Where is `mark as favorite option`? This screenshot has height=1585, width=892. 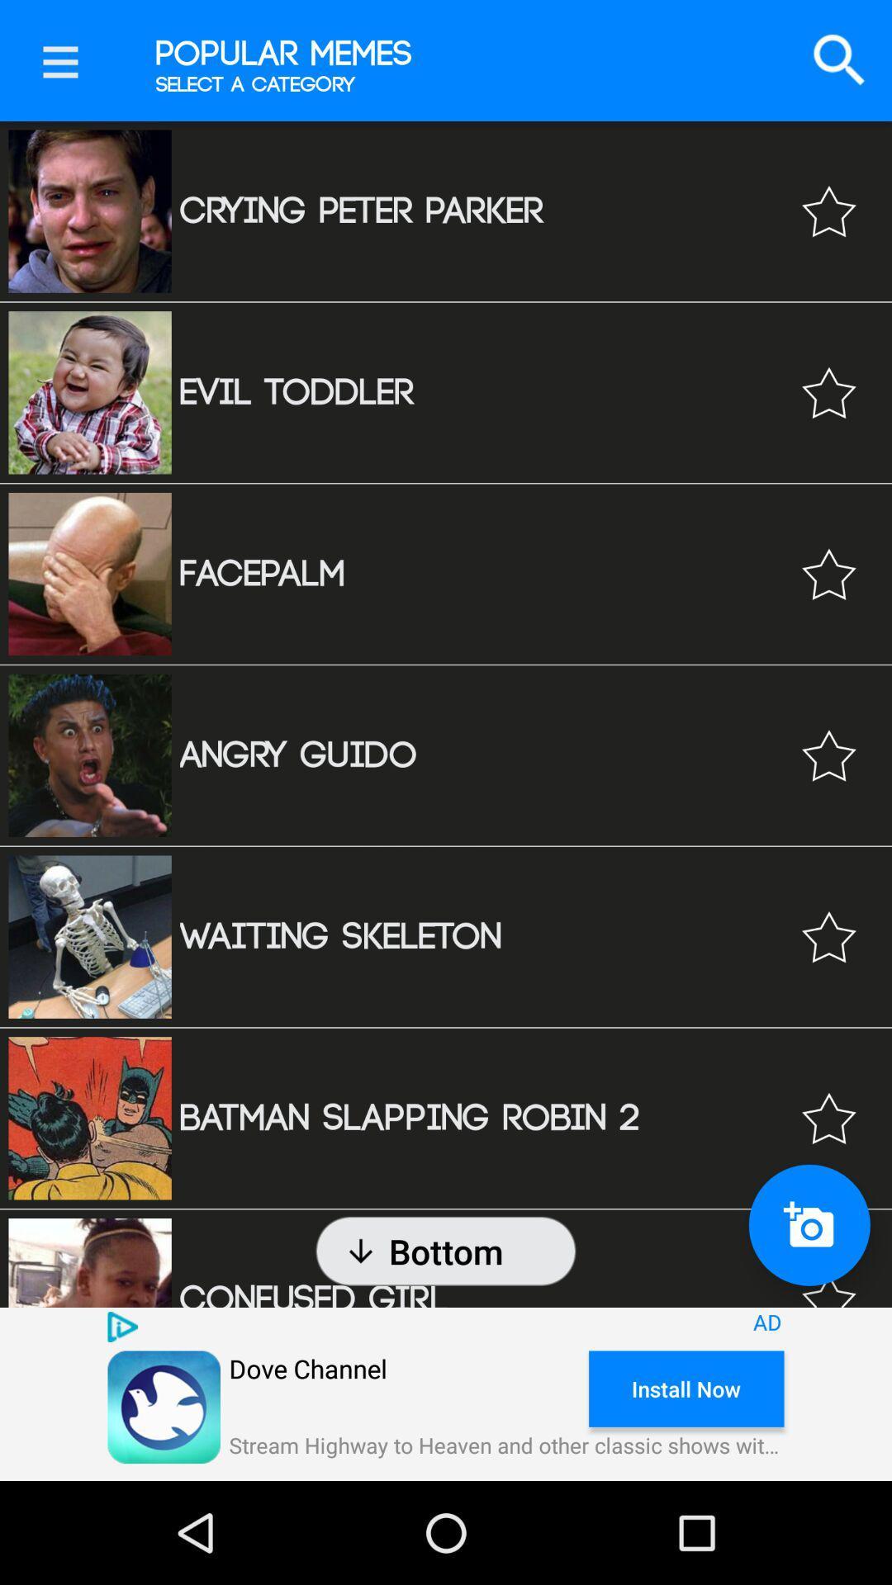
mark as favorite option is located at coordinates (828, 574).